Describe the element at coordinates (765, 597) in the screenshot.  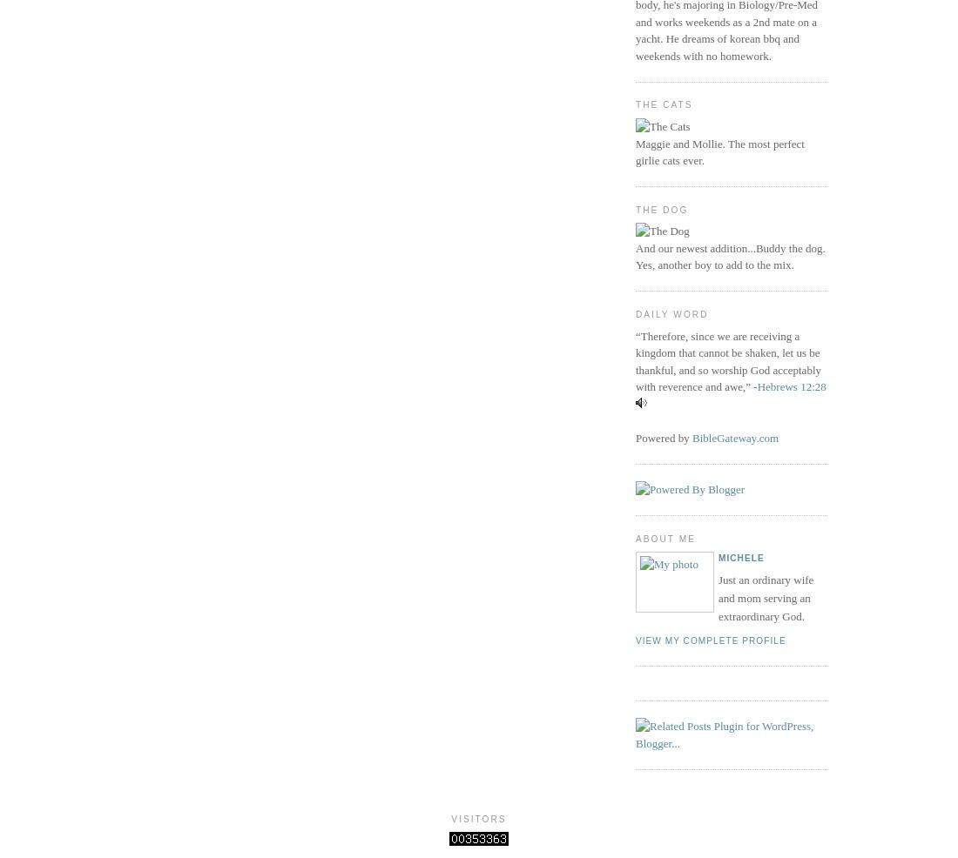
I see `'Just an ordinary wife and mom serving an extraordinary God.'` at that location.